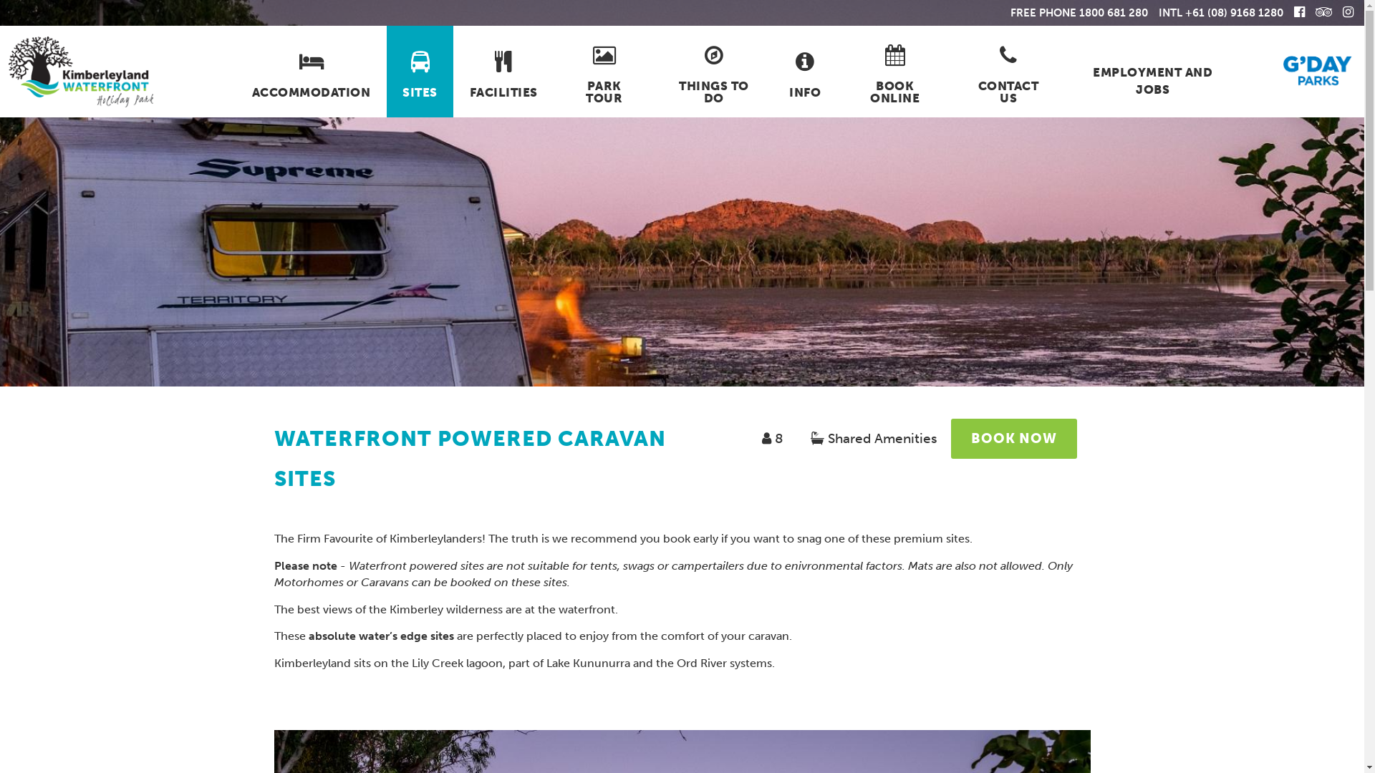 This screenshot has width=1375, height=773. I want to click on 'FACILITIES', so click(503, 72).